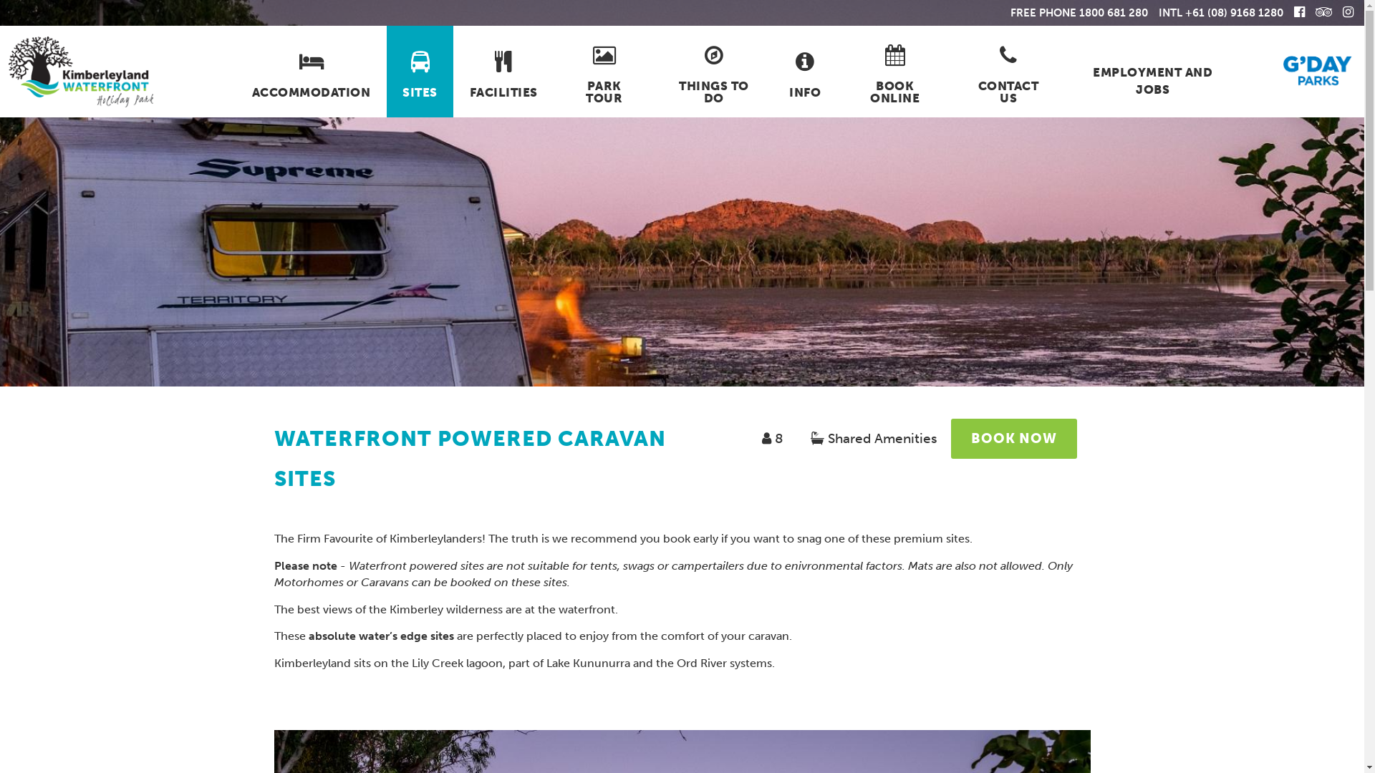 This screenshot has width=1375, height=773. I want to click on 'FACILITIES', so click(503, 72).